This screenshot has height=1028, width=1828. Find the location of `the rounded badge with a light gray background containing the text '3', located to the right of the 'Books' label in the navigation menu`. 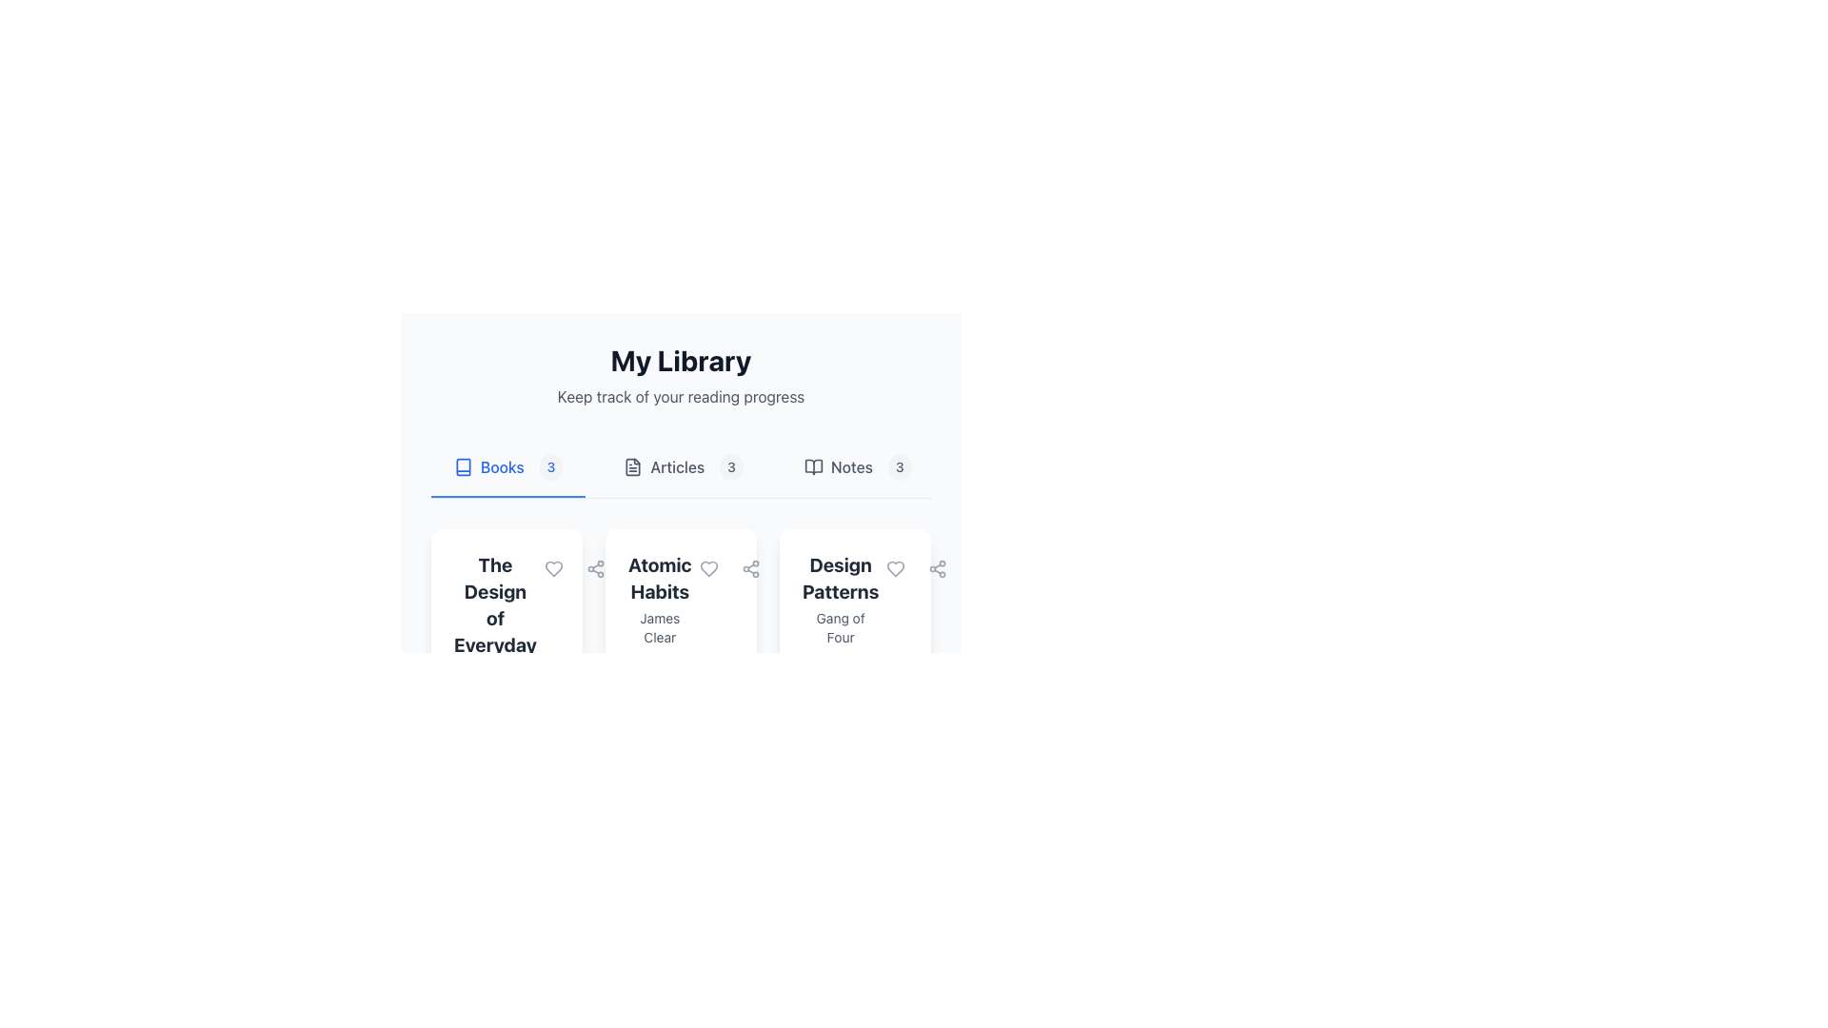

the rounded badge with a light gray background containing the text '3', located to the right of the 'Books' label in the navigation menu is located at coordinates (550, 466).